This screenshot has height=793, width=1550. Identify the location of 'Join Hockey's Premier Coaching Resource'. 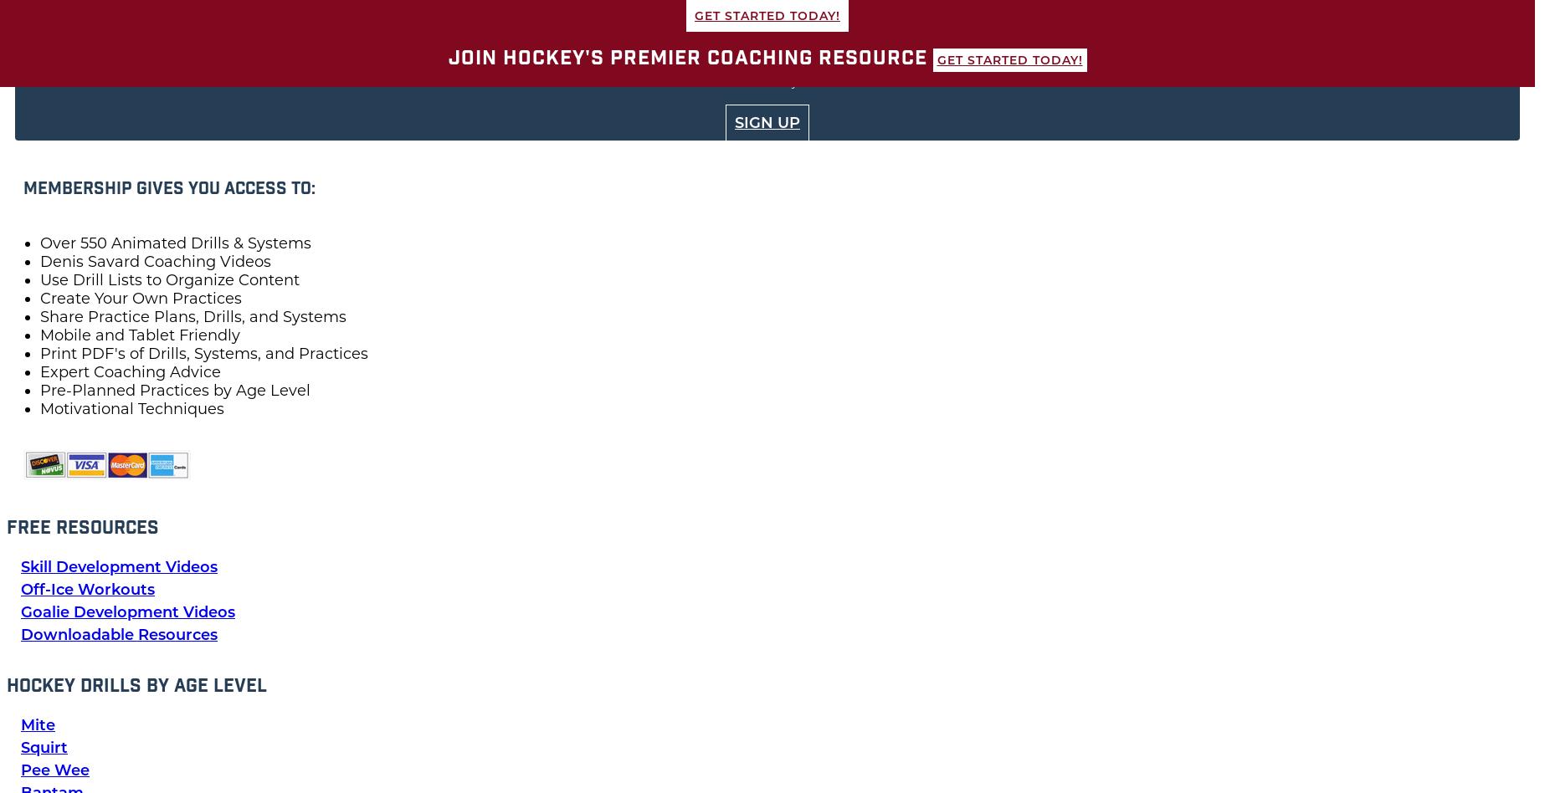
(690, 59).